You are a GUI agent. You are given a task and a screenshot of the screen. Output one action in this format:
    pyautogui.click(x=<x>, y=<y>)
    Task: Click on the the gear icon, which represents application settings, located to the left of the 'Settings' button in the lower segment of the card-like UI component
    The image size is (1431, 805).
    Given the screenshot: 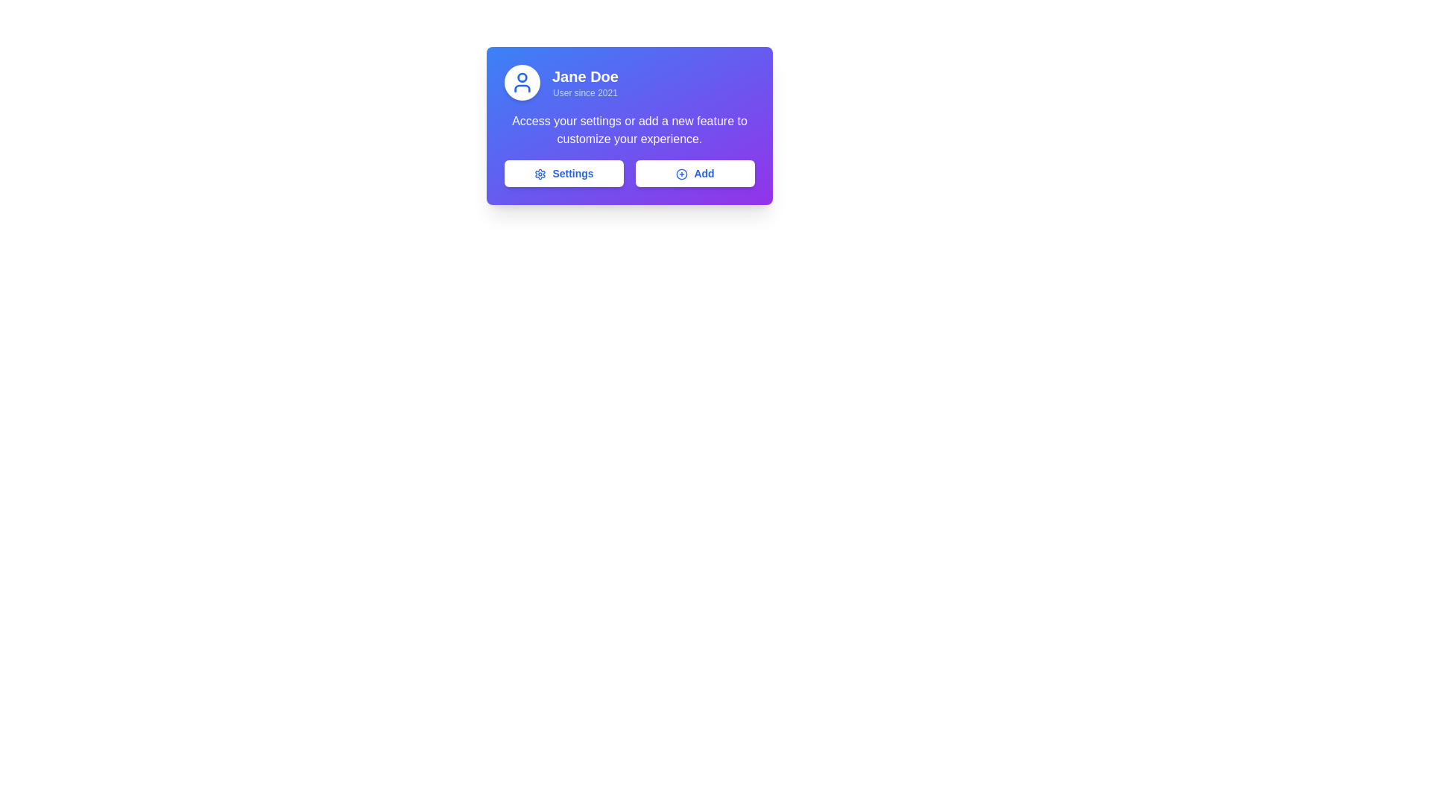 What is the action you would take?
    pyautogui.click(x=540, y=174)
    